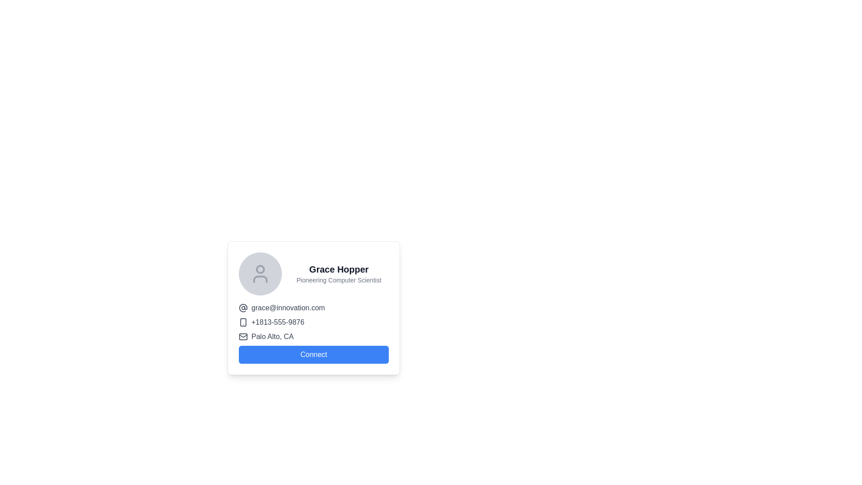 Image resolution: width=862 pixels, height=485 pixels. Describe the element at coordinates (243, 322) in the screenshot. I see `the small smartphone-shaped icon with a rounded rectangular frame, located next to the phone number '+1813-555-9876' in the third row of contact information` at that location.